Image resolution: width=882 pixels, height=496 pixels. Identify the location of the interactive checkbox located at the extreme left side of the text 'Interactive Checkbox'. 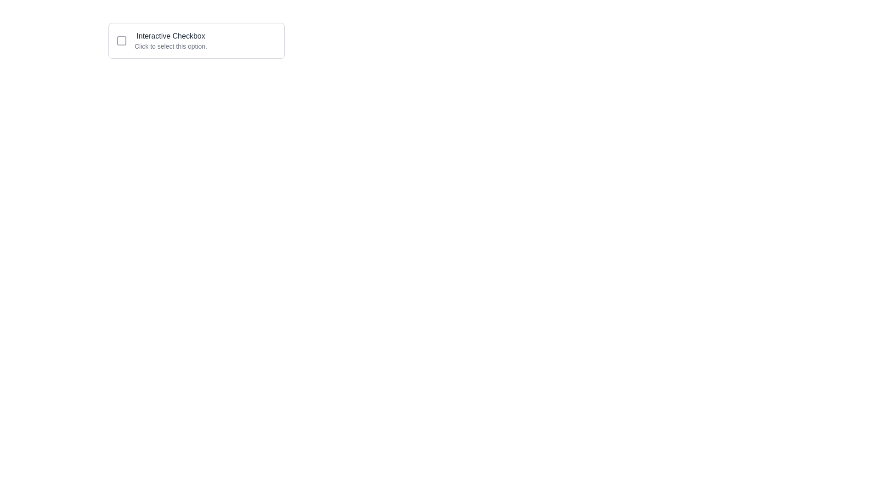
(121, 40).